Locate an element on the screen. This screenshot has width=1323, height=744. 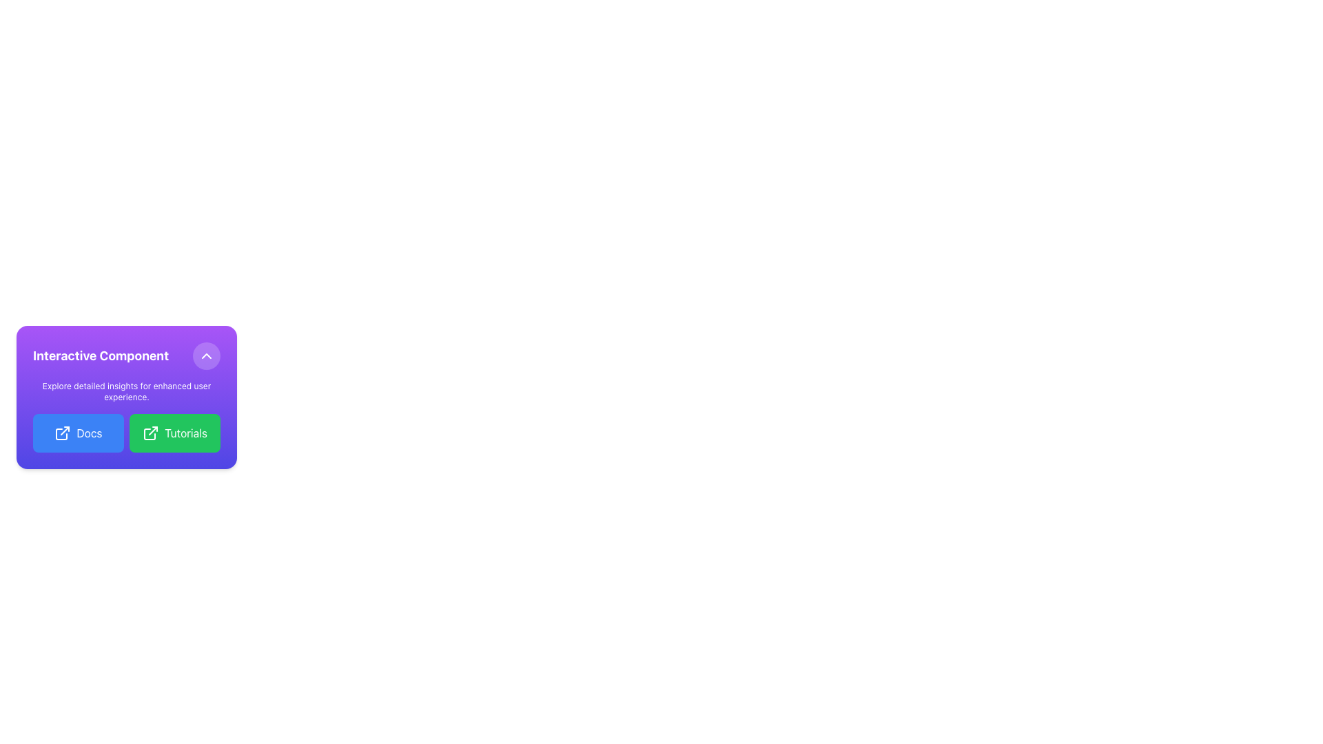
the blue button labeled 'Docs' with an outward arrow icon is located at coordinates (78, 432).